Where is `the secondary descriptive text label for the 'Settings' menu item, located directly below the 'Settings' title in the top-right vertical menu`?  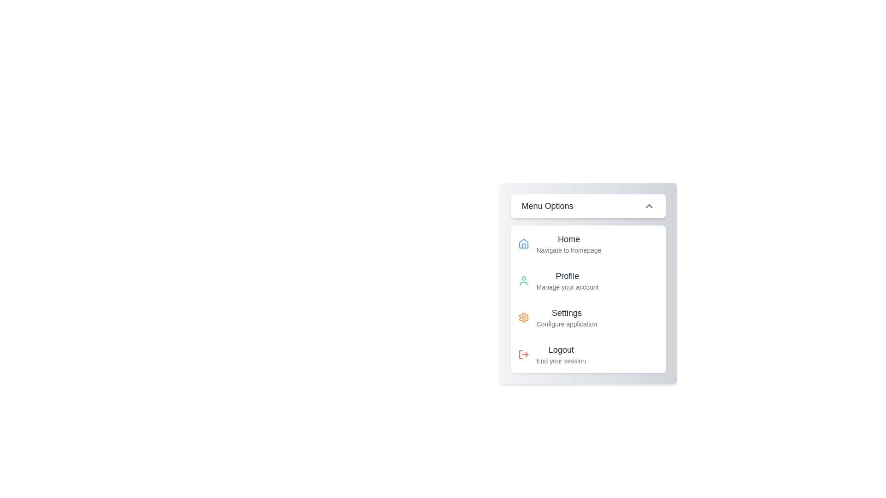
the secondary descriptive text label for the 'Settings' menu item, located directly below the 'Settings' title in the top-right vertical menu is located at coordinates (566, 323).